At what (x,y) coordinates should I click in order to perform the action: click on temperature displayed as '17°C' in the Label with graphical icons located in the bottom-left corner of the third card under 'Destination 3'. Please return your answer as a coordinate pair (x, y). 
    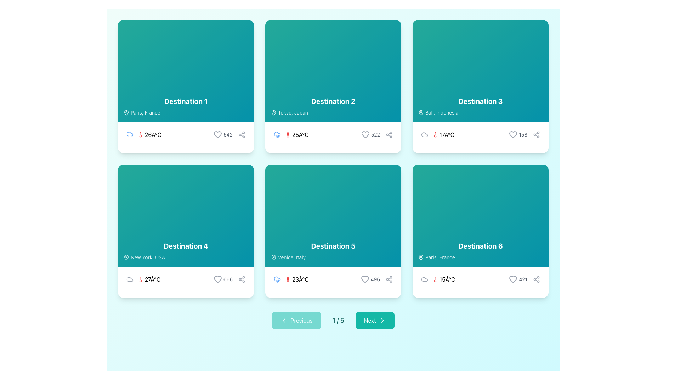
    Looking at the image, I should click on (437, 135).